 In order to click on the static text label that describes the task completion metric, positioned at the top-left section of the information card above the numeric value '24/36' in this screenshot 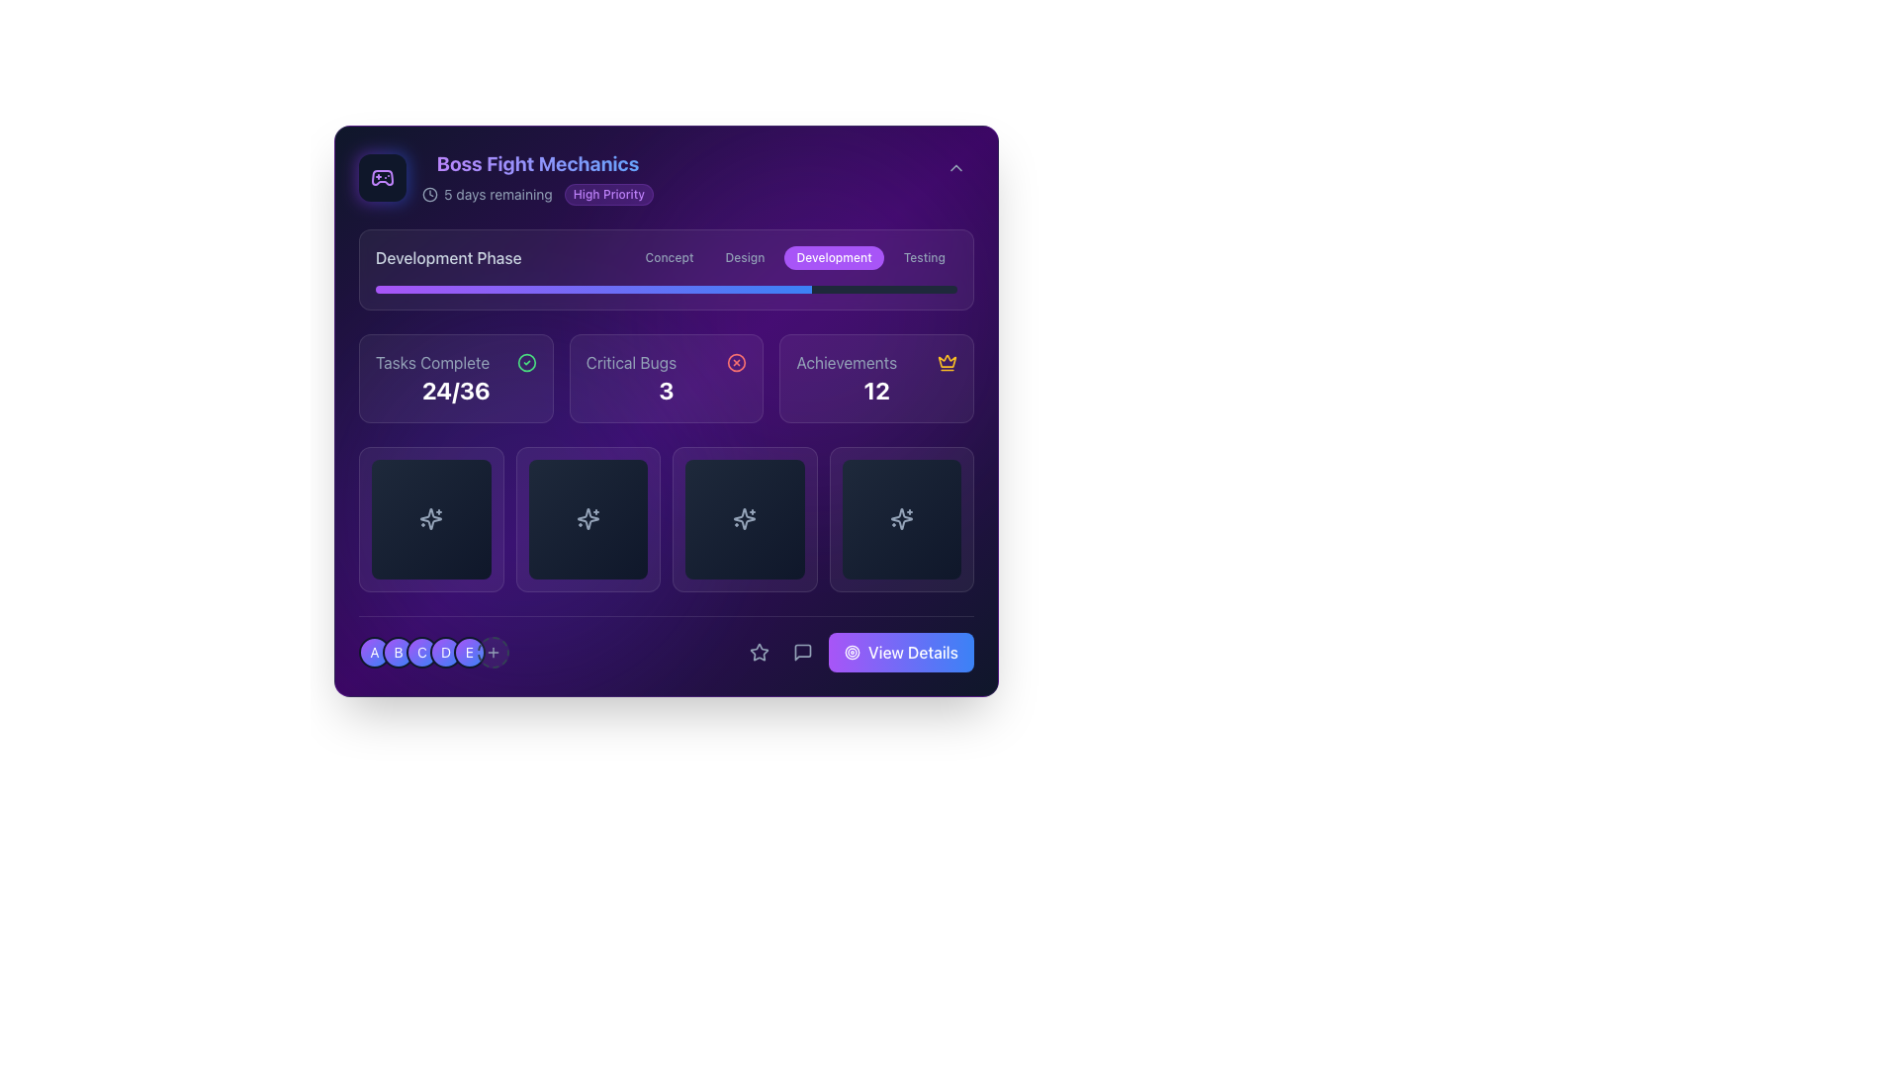, I will do `click(431, 362)`.